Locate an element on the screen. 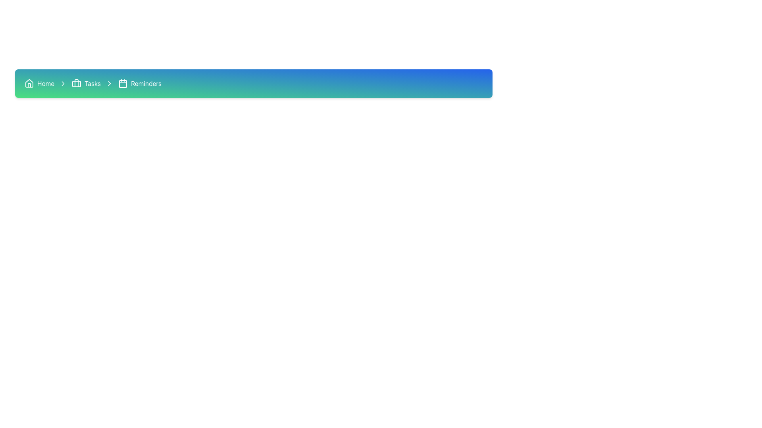  the suitcase icon located to the left of the 'Tasks' text label in the breadcrumb navigation bar is located at coordinates (77, 84).